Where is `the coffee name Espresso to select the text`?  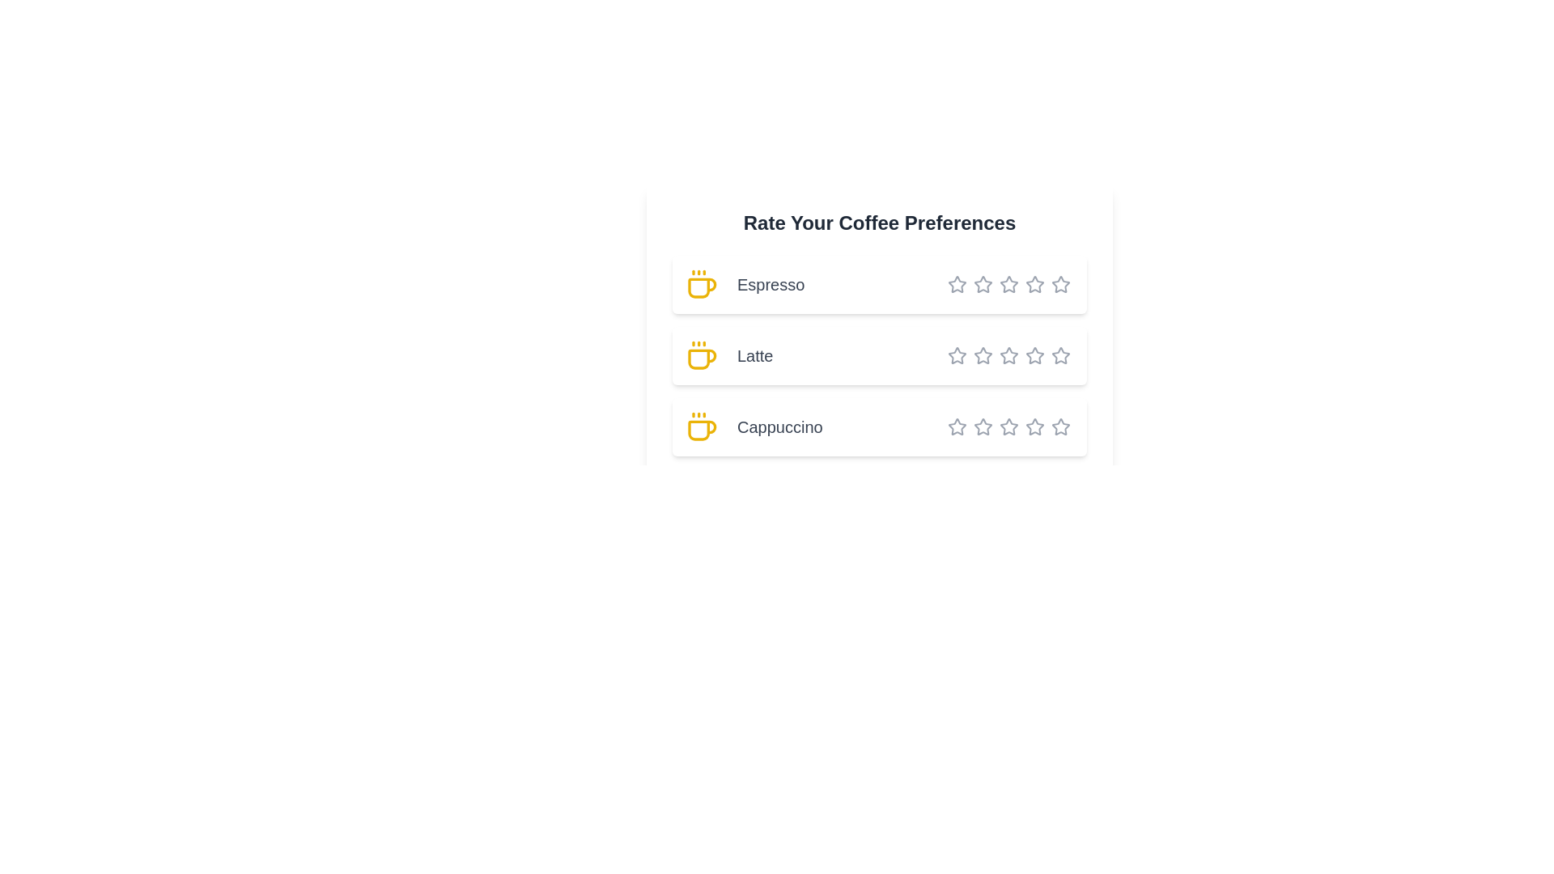
the coffee name Espresso to select the text is located at coordinates (878, 283).